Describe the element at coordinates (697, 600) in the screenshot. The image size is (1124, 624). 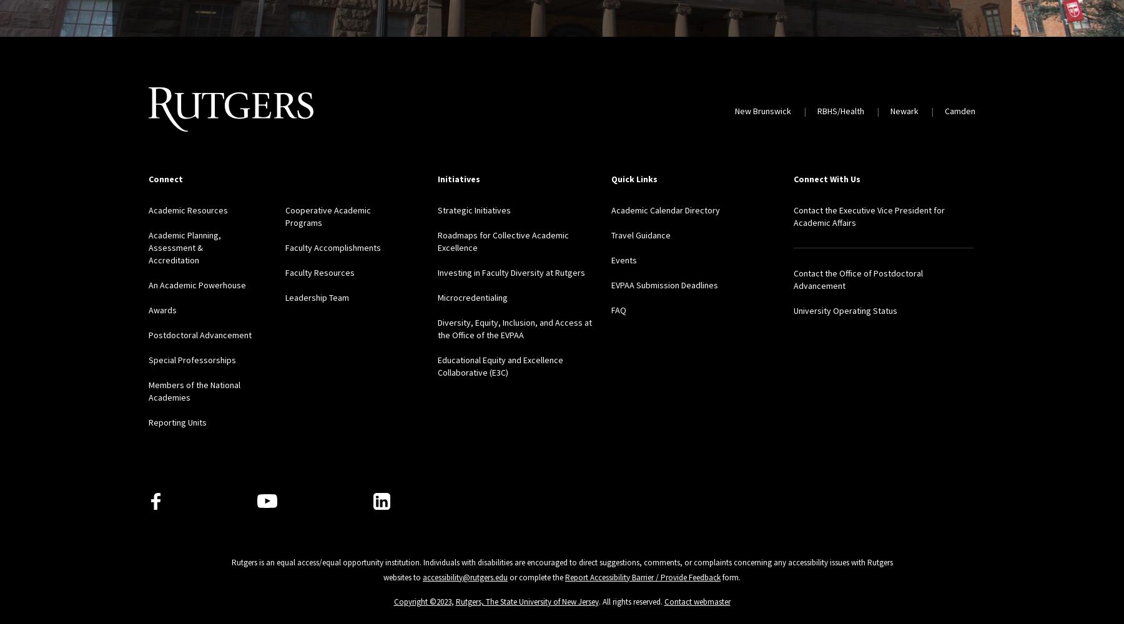
I see `'Contact webmaster'` at that location.